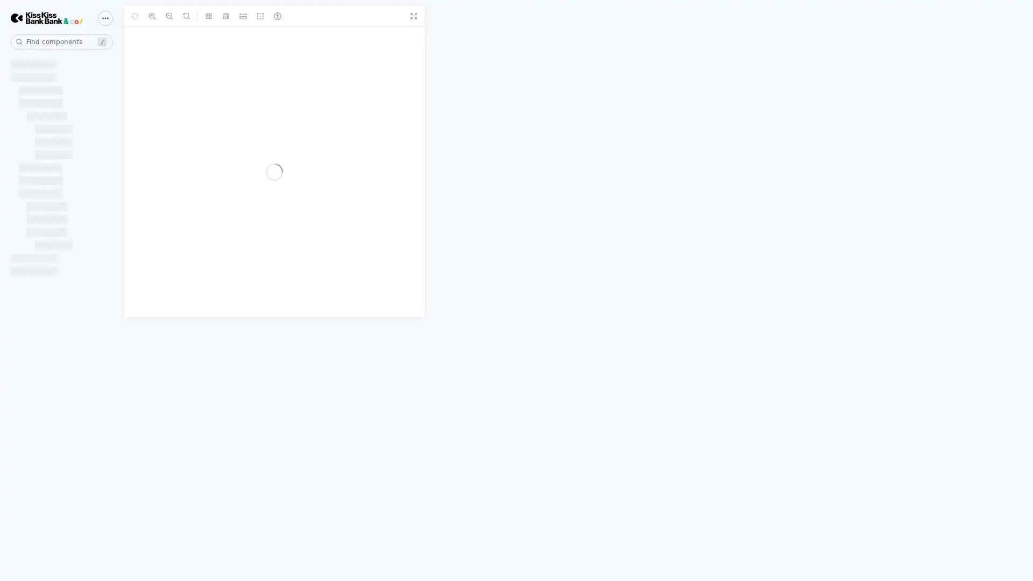 Image resolution: width=1033 pixels, height=581 pixels. I want to click on HELPERS, so click(30, 130).